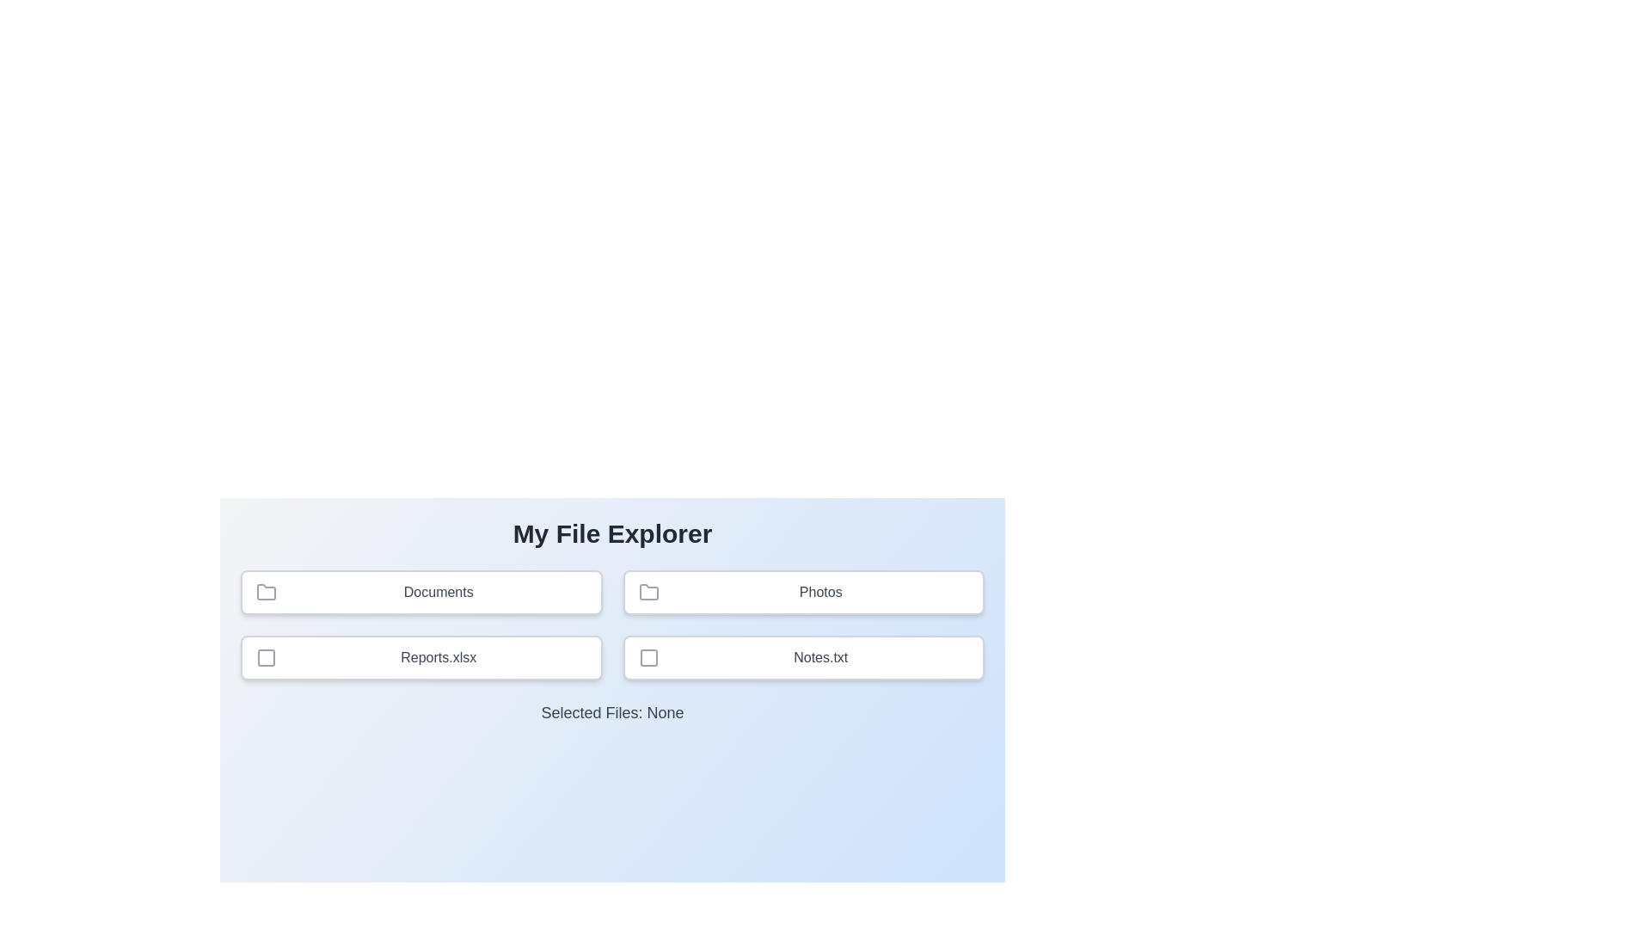  I want to click on the item Documents by clicking on it, so click(420, 592).